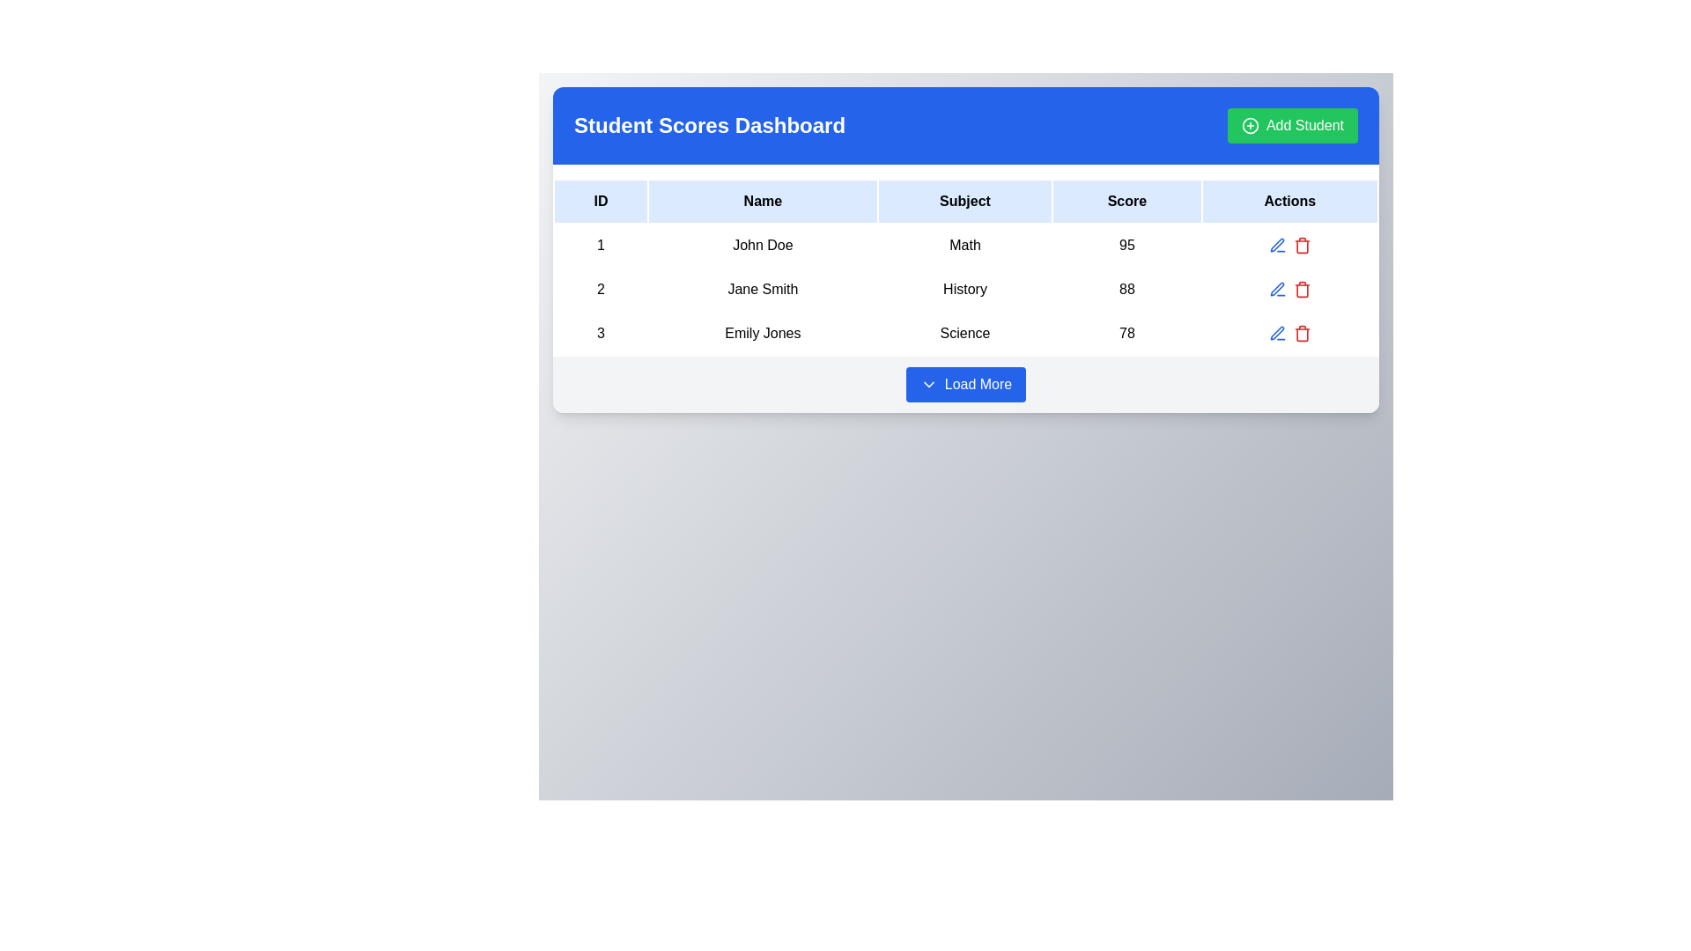 This screenshot has width=1691, height=951. What do you see at coordinates (1293, 124) in the screenshot?
I see `the 'Add Student' button located in the top right corner of the 'Student Scores Dashboard' header bar` at bounding box center [1293, 124].